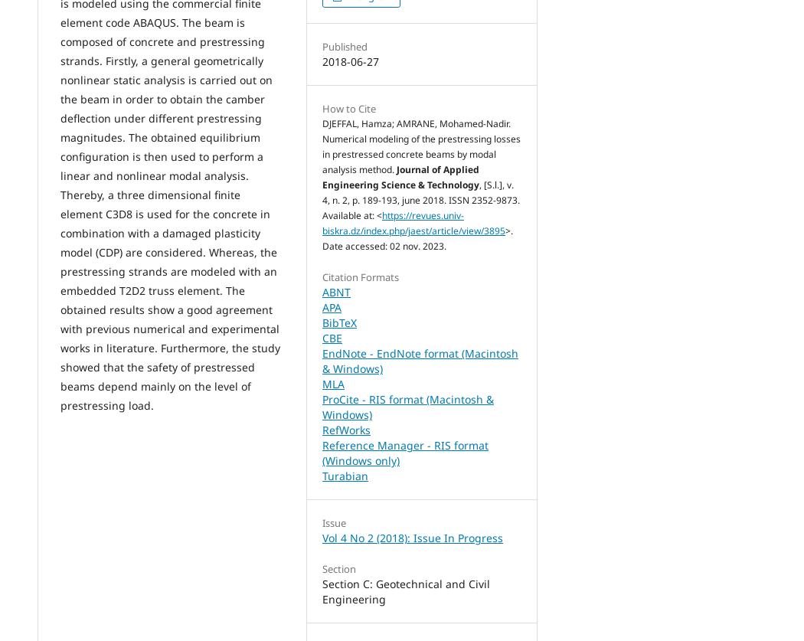 The image size is (804, 641). I want to click on 'BibTeX', so click(338, 322).